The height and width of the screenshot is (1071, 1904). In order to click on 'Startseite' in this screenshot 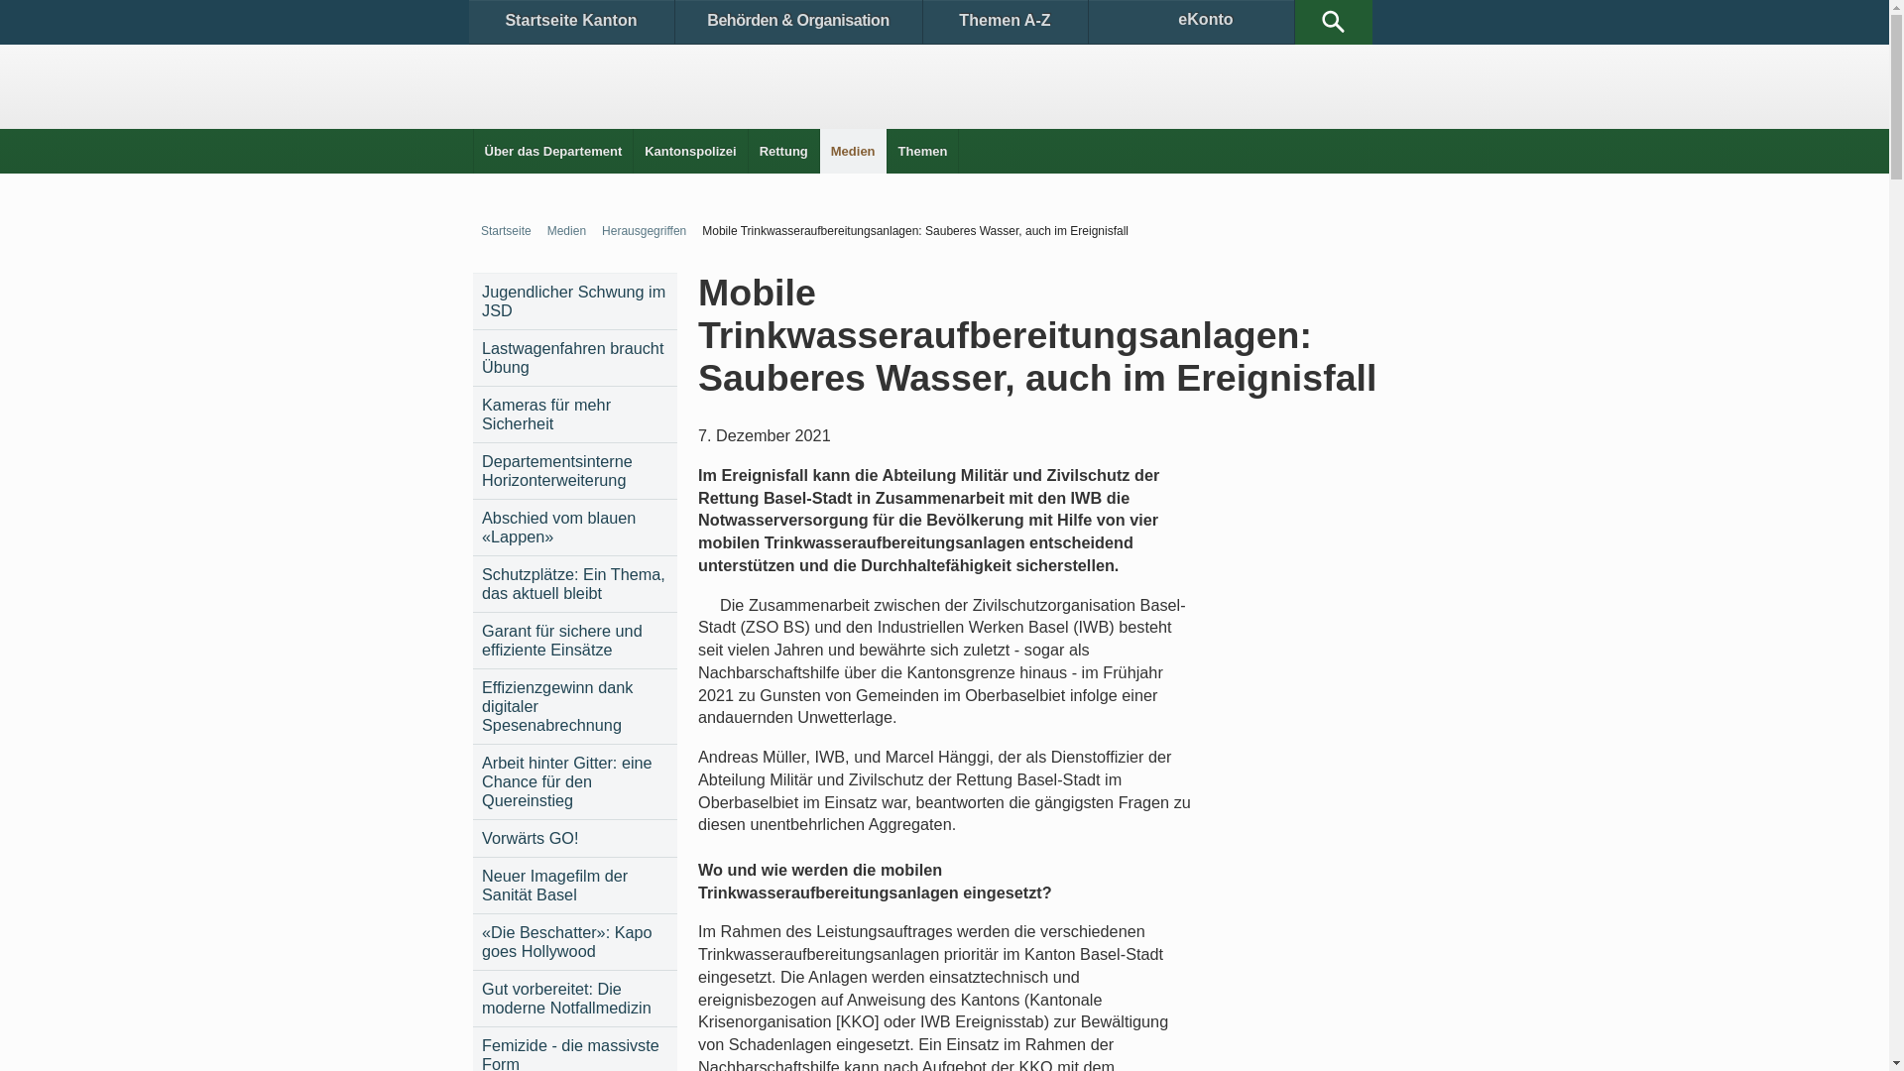, I will do `click(502, 229)`.